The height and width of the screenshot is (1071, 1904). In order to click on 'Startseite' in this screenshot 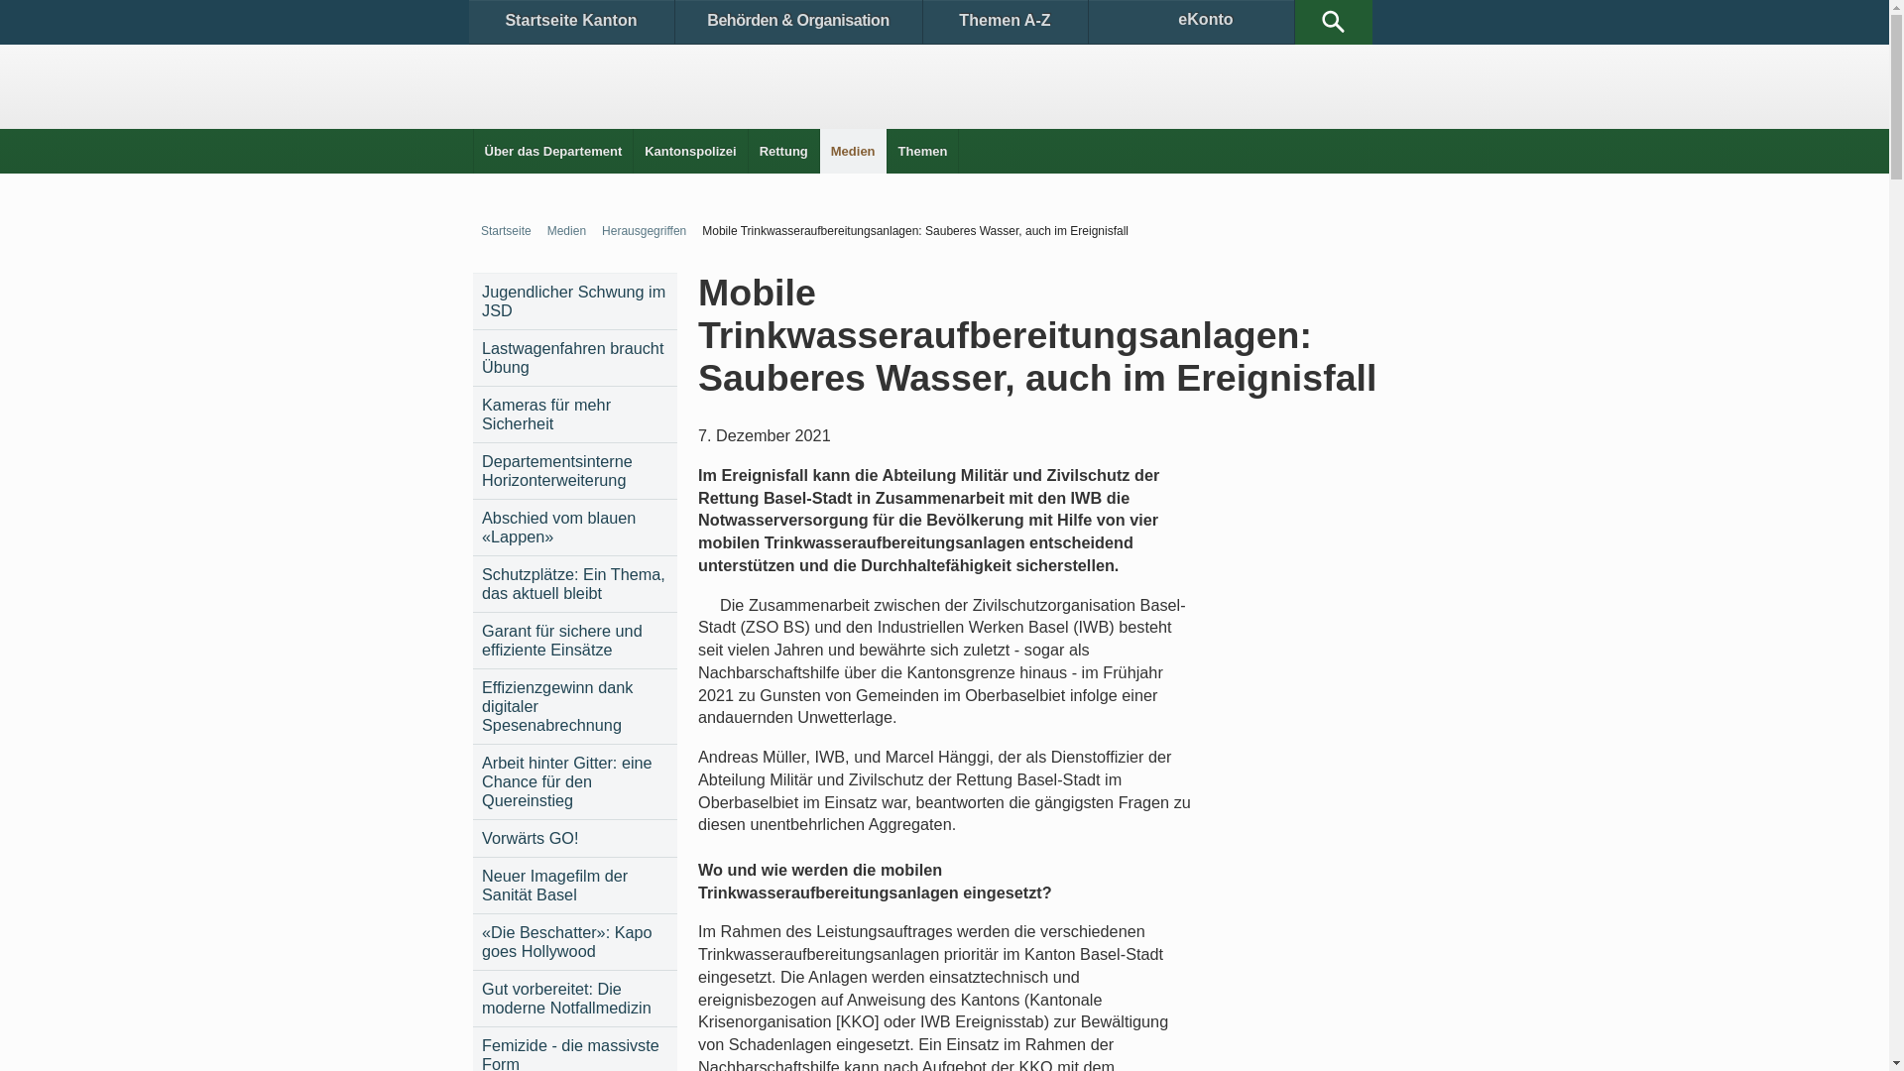, I will do `click(502, 229)`.